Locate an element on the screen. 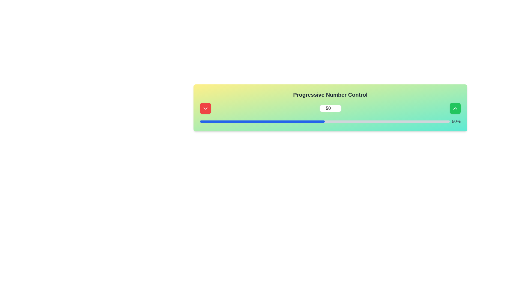 The width and height of the screenshot is (524, 295). the small triangular 'up' arrow icon with a green background located in the bottom right corner of the gradient-colored rectangular panel to increment is located at coordinates (455, 108).